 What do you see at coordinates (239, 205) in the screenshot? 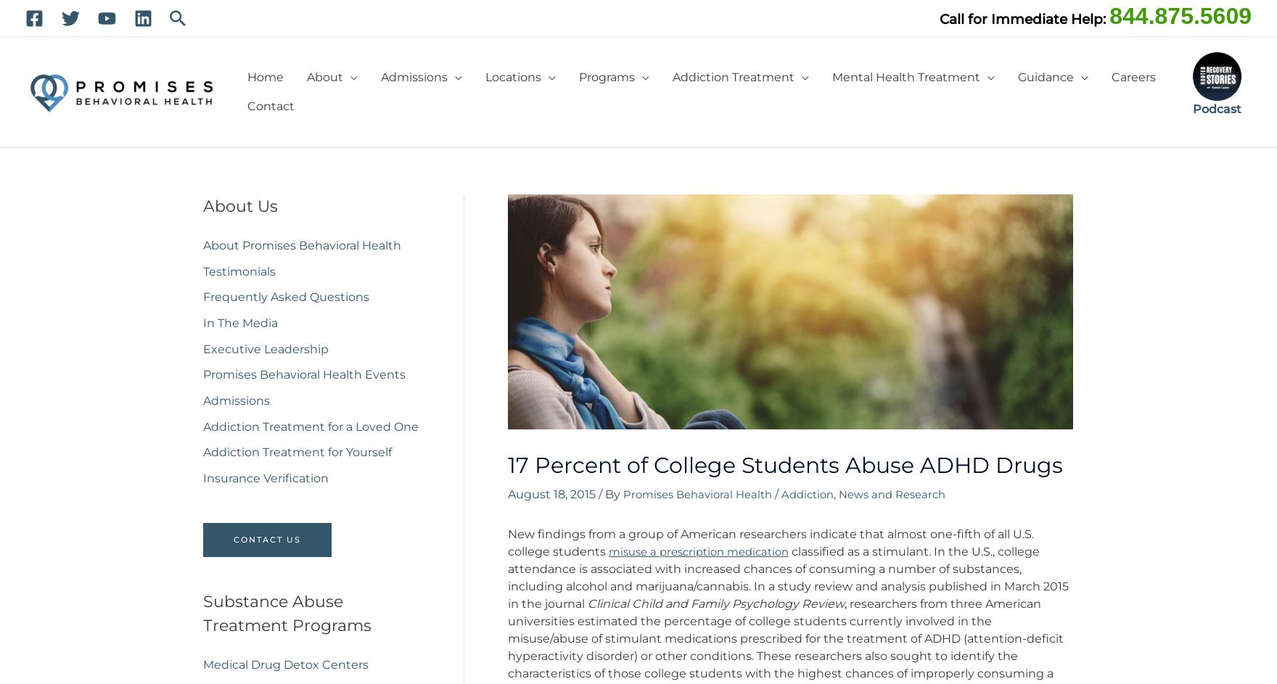
I see `'About Us'` at bounding box center [239, 205].